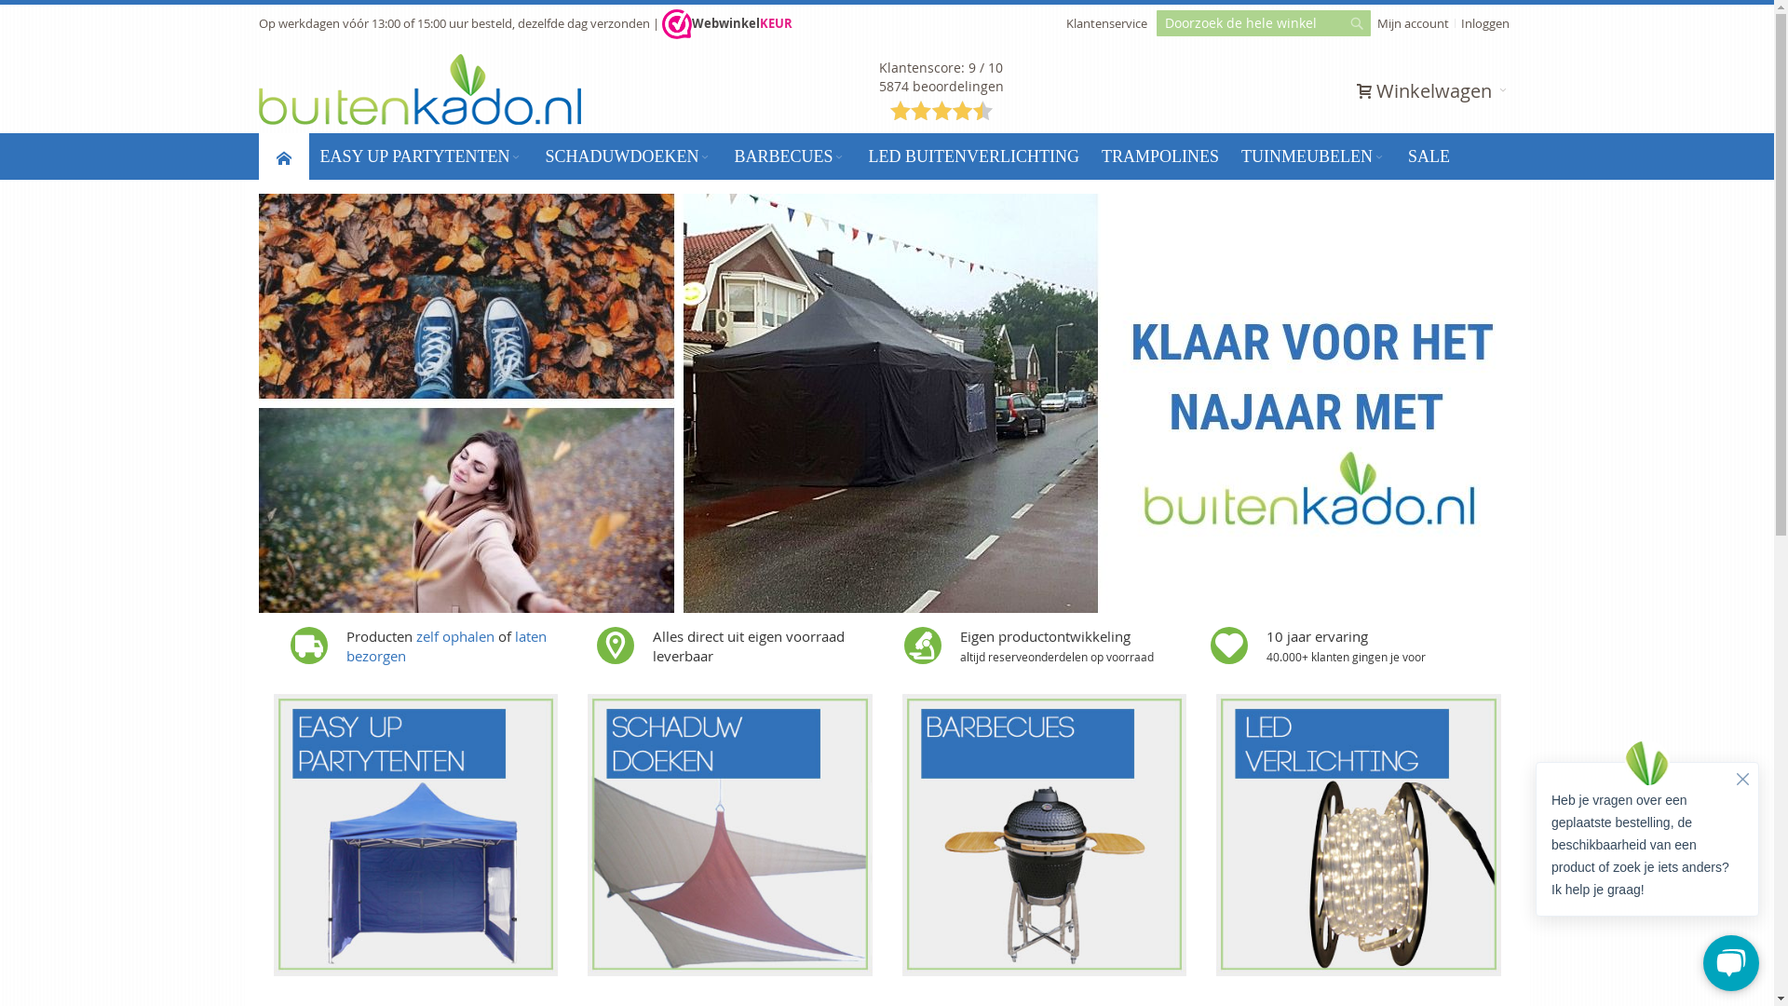 The width and height of the screenshot is (1788, 1006). I want to click on 'WebwinkelKEUR', so click(725, 22).